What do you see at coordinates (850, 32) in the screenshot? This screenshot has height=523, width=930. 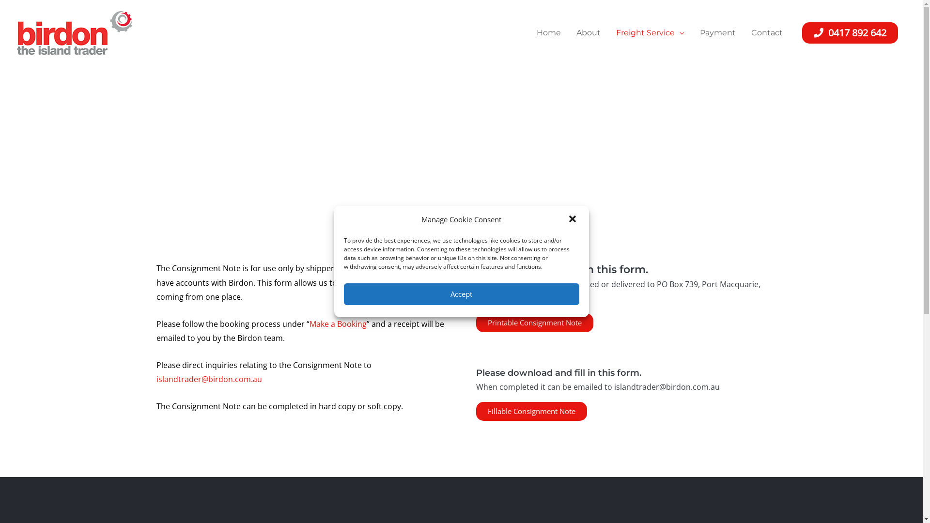 I see `'0417 892 642'` at bounding box center [850, 32].